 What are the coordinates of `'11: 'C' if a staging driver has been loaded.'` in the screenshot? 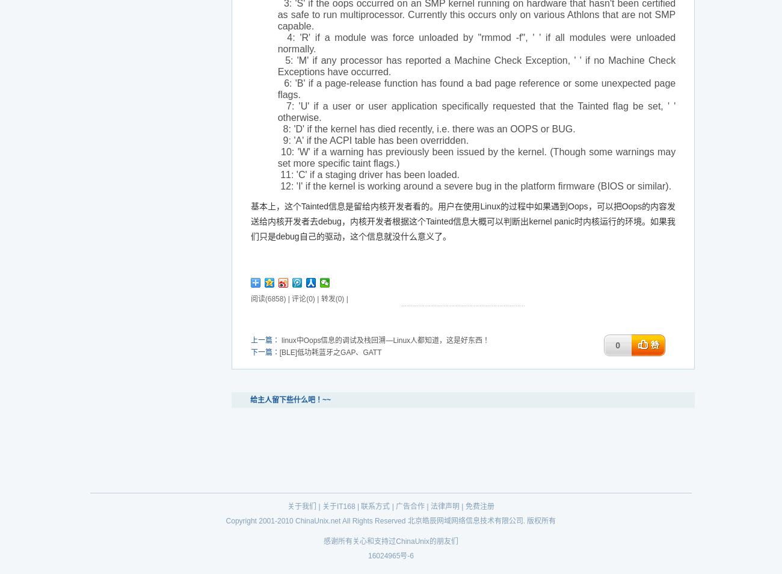 It's located at (368, 174).